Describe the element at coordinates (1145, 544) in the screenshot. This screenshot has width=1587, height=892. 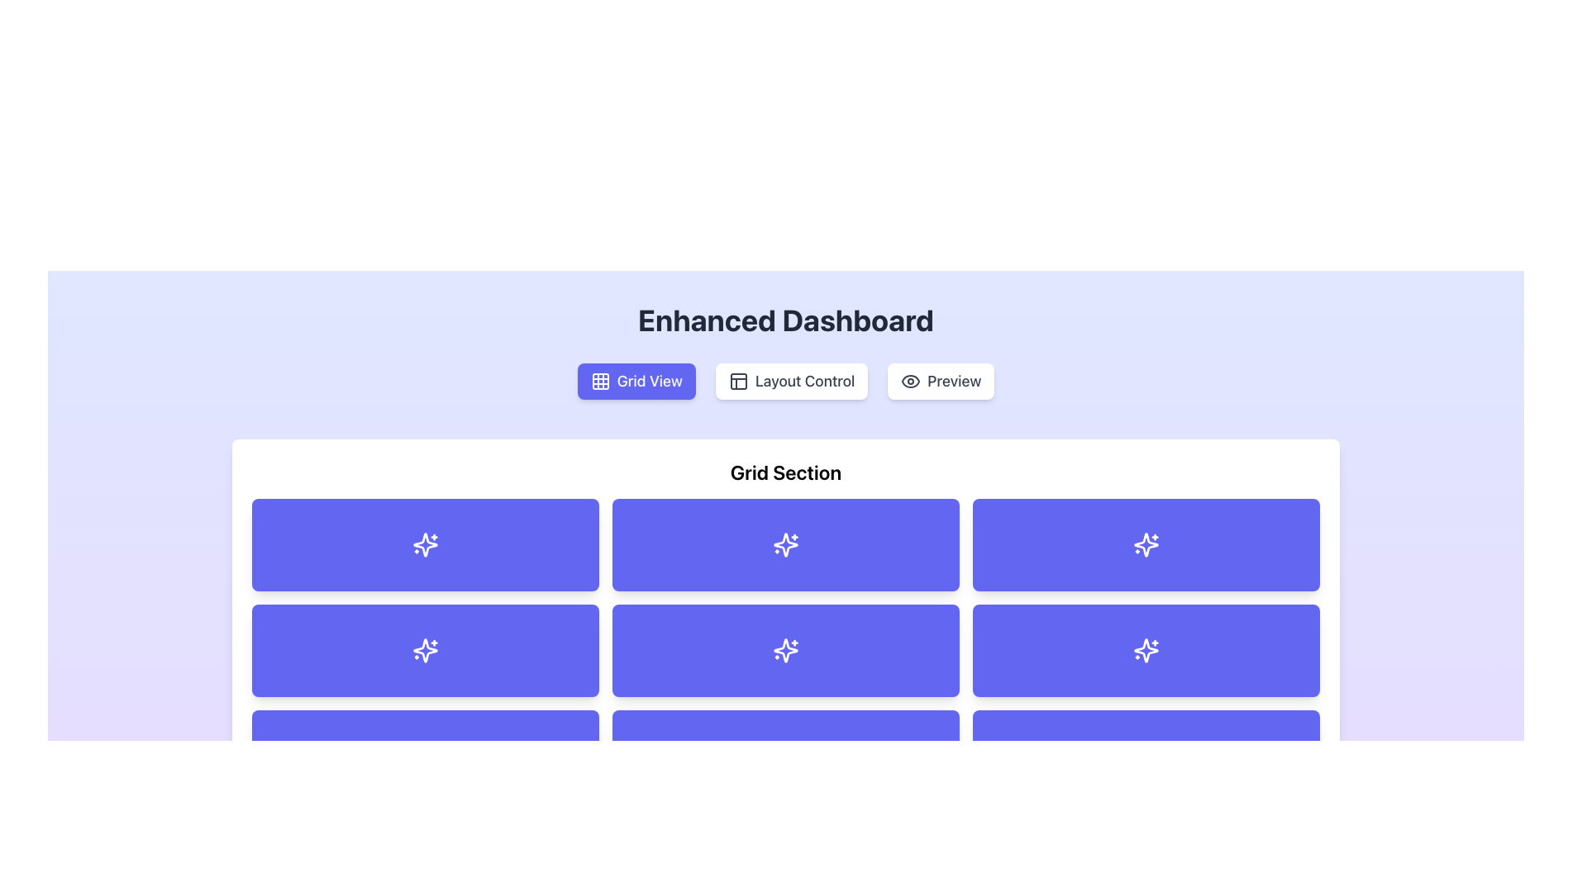
I see `the decorative or functional icon located in the second row and third column of the grid layout` at that location.